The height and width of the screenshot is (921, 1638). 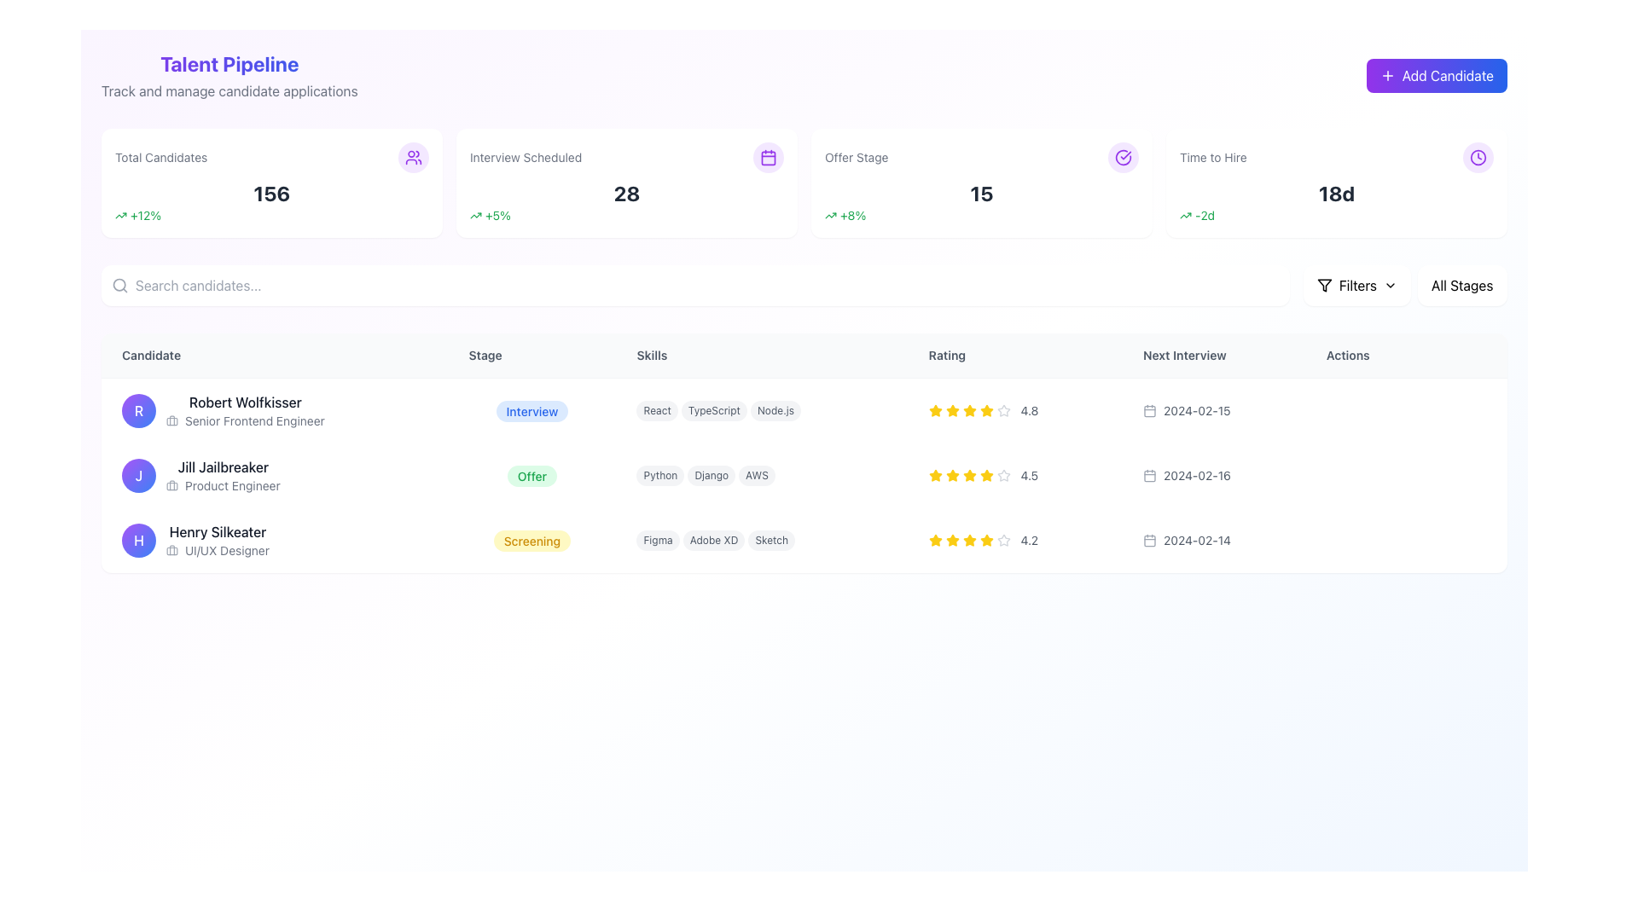 I want to click on the informational display element indicating the date of Henry Silkeater's next interview, located in the 'Next Interview' column of the last row visible under the 'Talent Pipeline' header, so click(x=1213, y=540).